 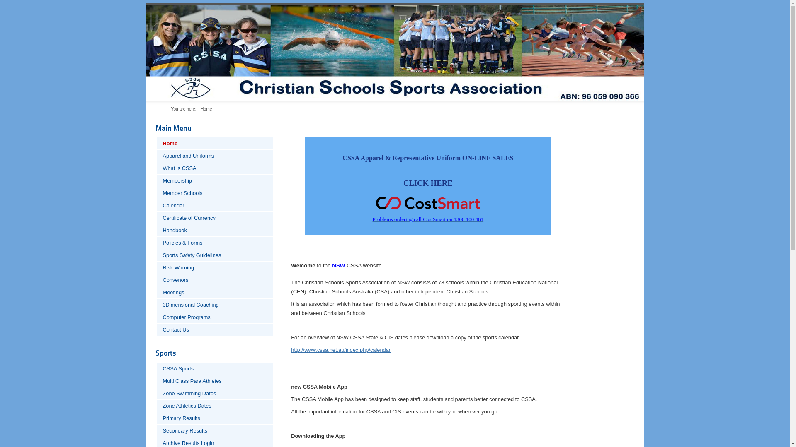 What do you see at coordinates (215, 217) in the screenshot?
I see `'Certificate of Currency'` at bounding box center [215, 217].